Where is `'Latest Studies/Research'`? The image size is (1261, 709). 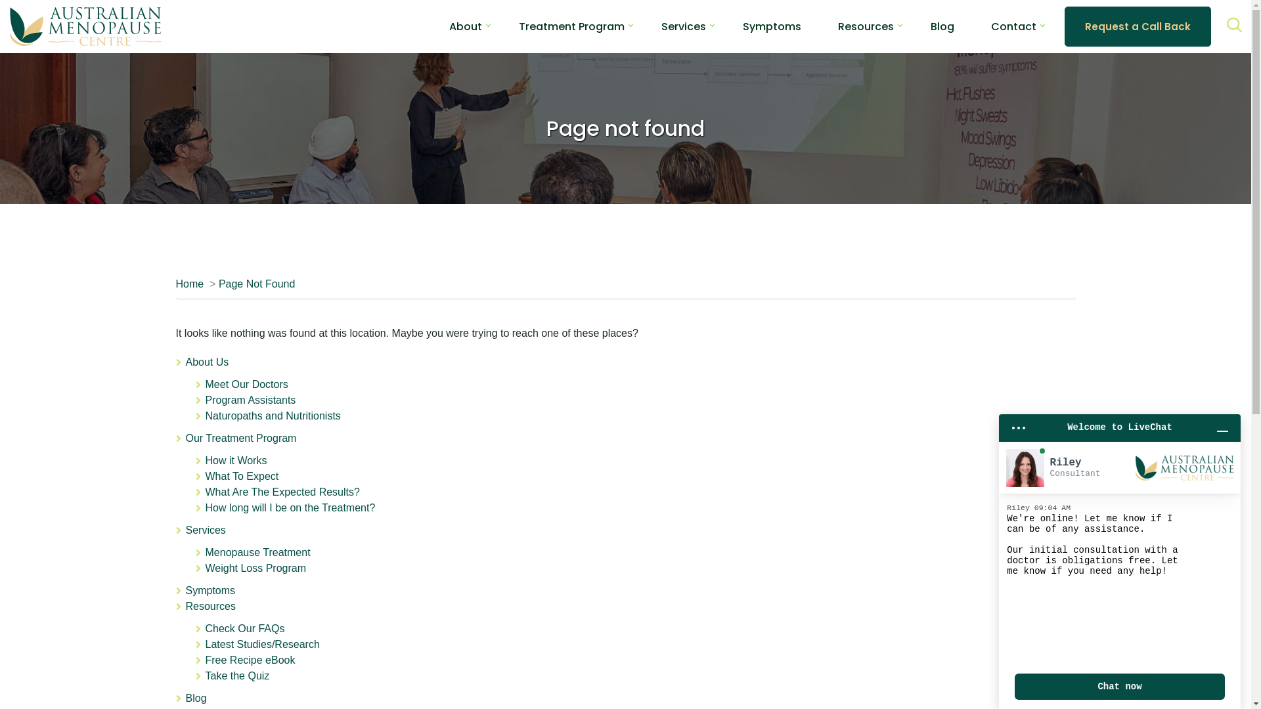 'Latest Studies/Research' is located at coordinates (261, 643).